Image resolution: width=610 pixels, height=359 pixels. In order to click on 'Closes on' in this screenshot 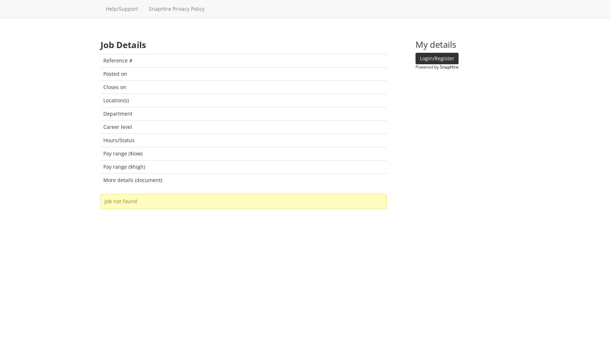, I will do `click(114, 86)`.